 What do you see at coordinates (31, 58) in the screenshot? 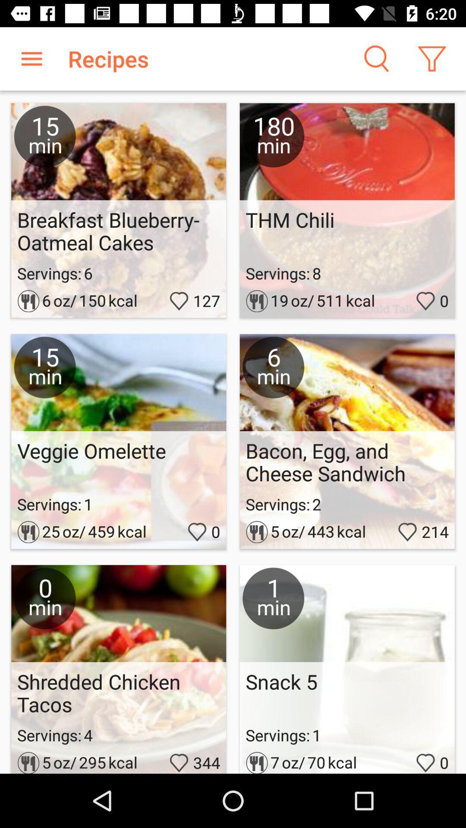
I see `item to the left of recipes icon` at bounding box center [31, 58].